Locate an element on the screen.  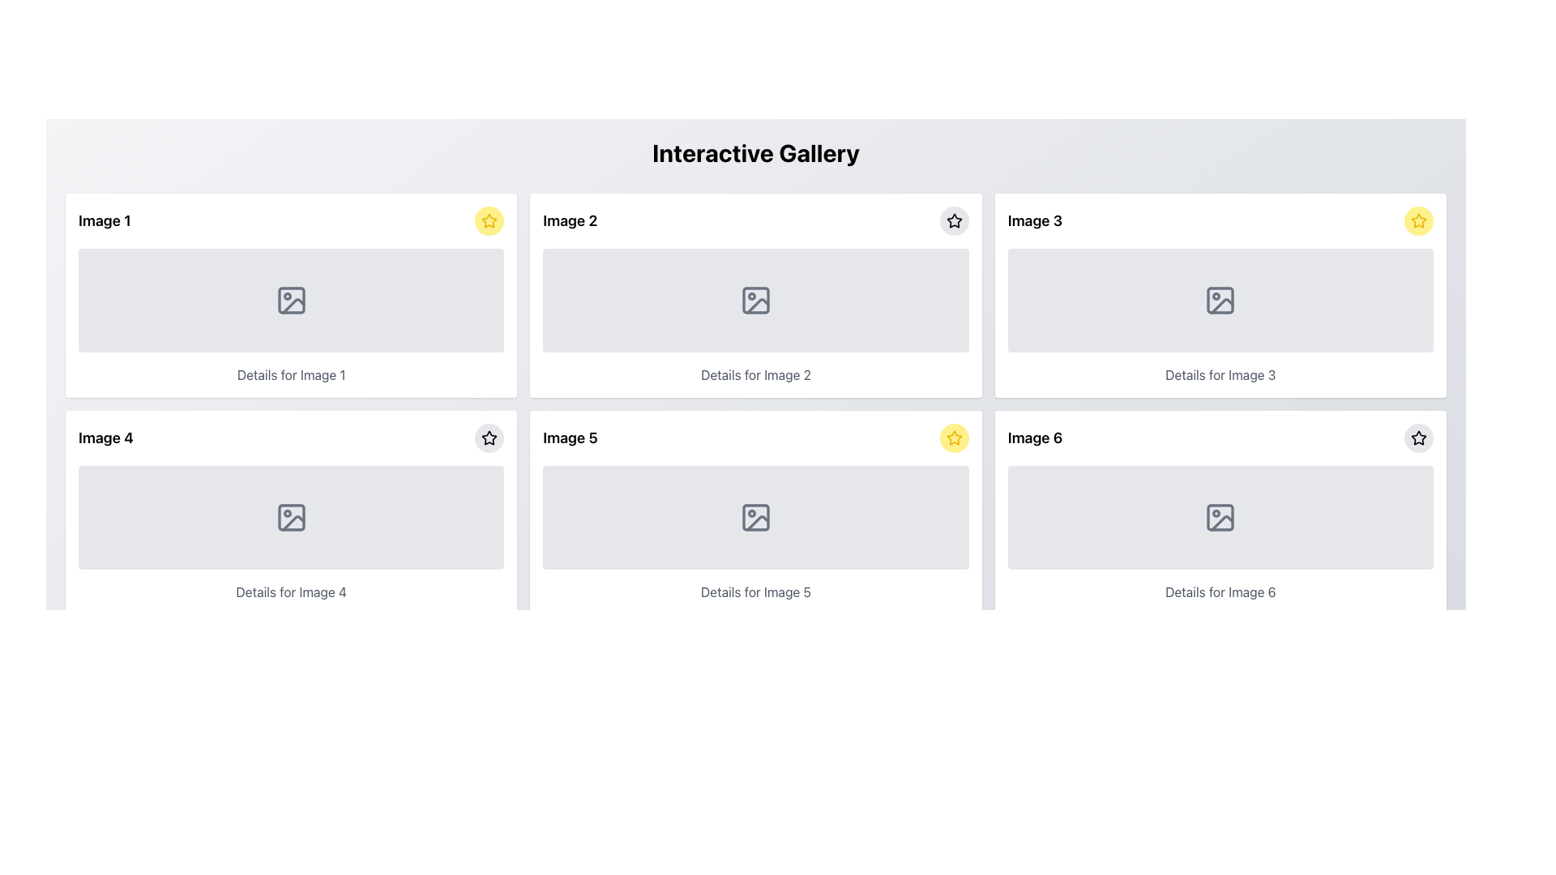
the Image placeholder icon, which is a square icon with rounded corners located within the 'Image 1' card, positioned centrally within its gray rectangle placeholder is located at coordinates (291, 300).